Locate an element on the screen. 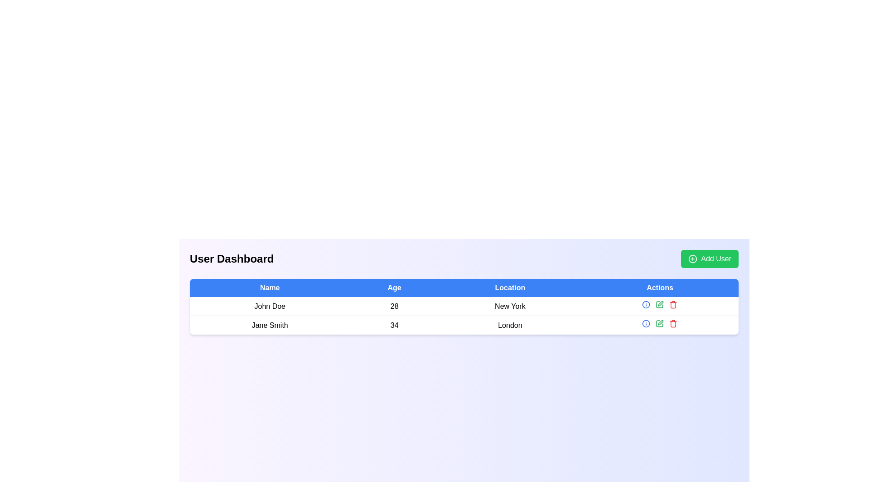 The width and height of the screenshot is (870, 489). the header label for the 'Name' column in the data table, which is the first item in the horizontal list of headers at the top-left corner is located at coordinates (269, 288).